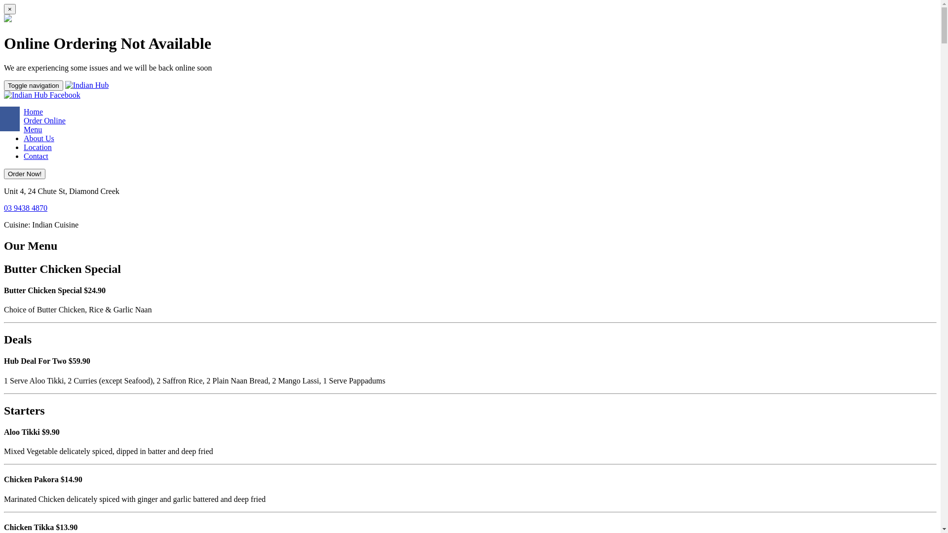 This screenshot has height=533, width=948. What do you see at coordinates (24, 155) in the screenshot?
I see `'Contact'` at bounding box center [24, 155].